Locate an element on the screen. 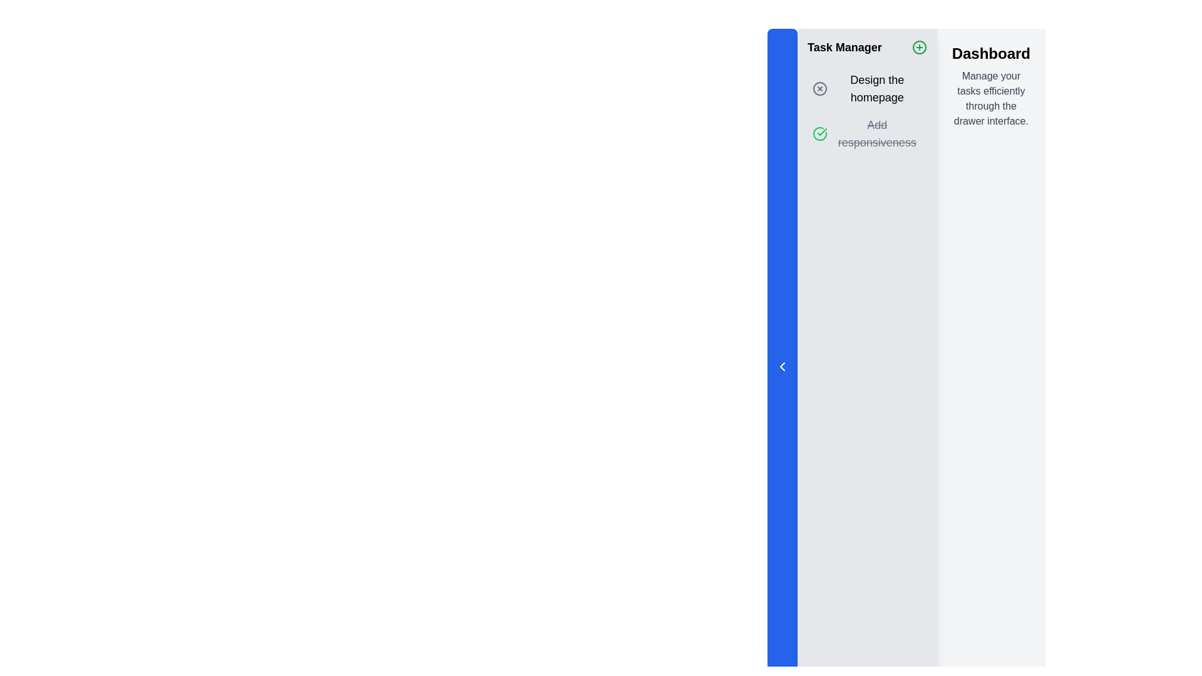 Image resolution: width=1202 pixels, height=676 pixels. the text label displaying 'Design the homepage' located under the 'Task Manager' section is located at coordinates (876, 88).